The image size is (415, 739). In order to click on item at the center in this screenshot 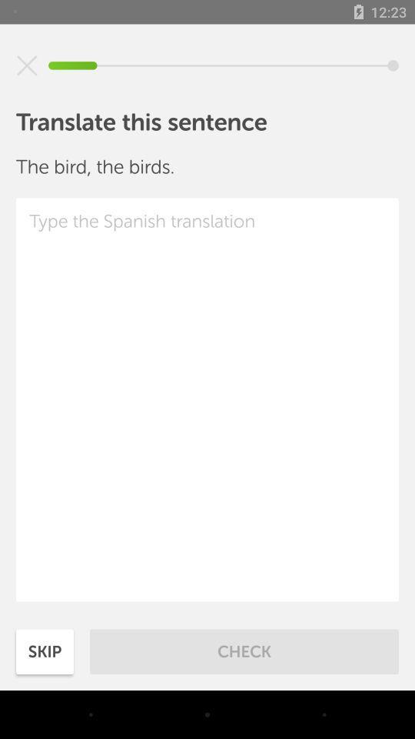, I will do `click(207, 399)`.